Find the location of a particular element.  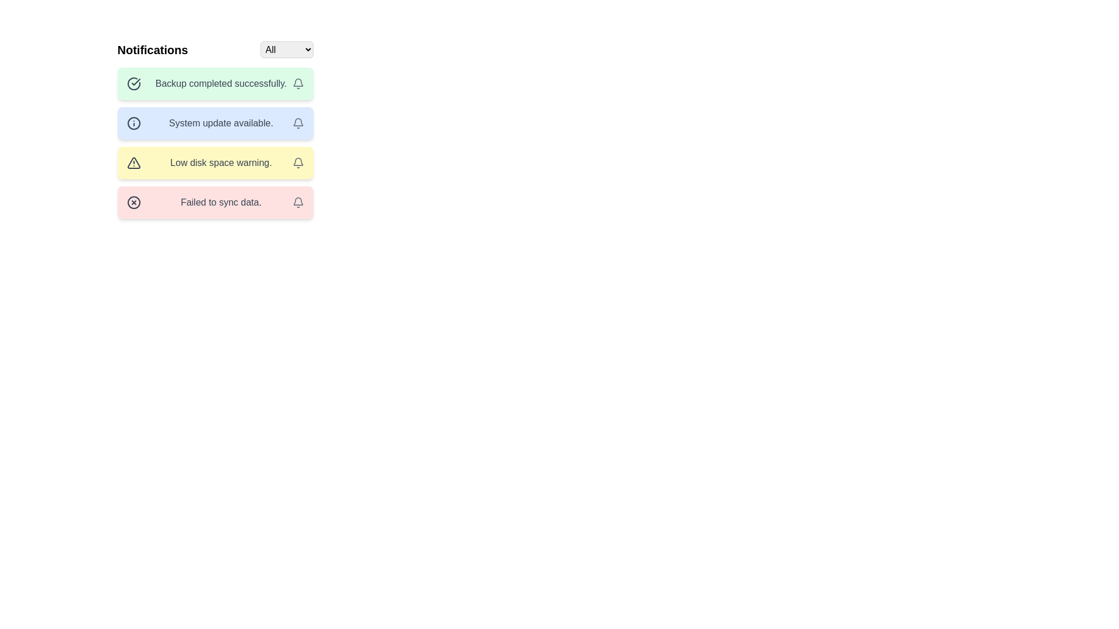

the warning icon in the third notification row, which is located to the left of the 'Low disk space warning' text is located at coordinates (133, 163).